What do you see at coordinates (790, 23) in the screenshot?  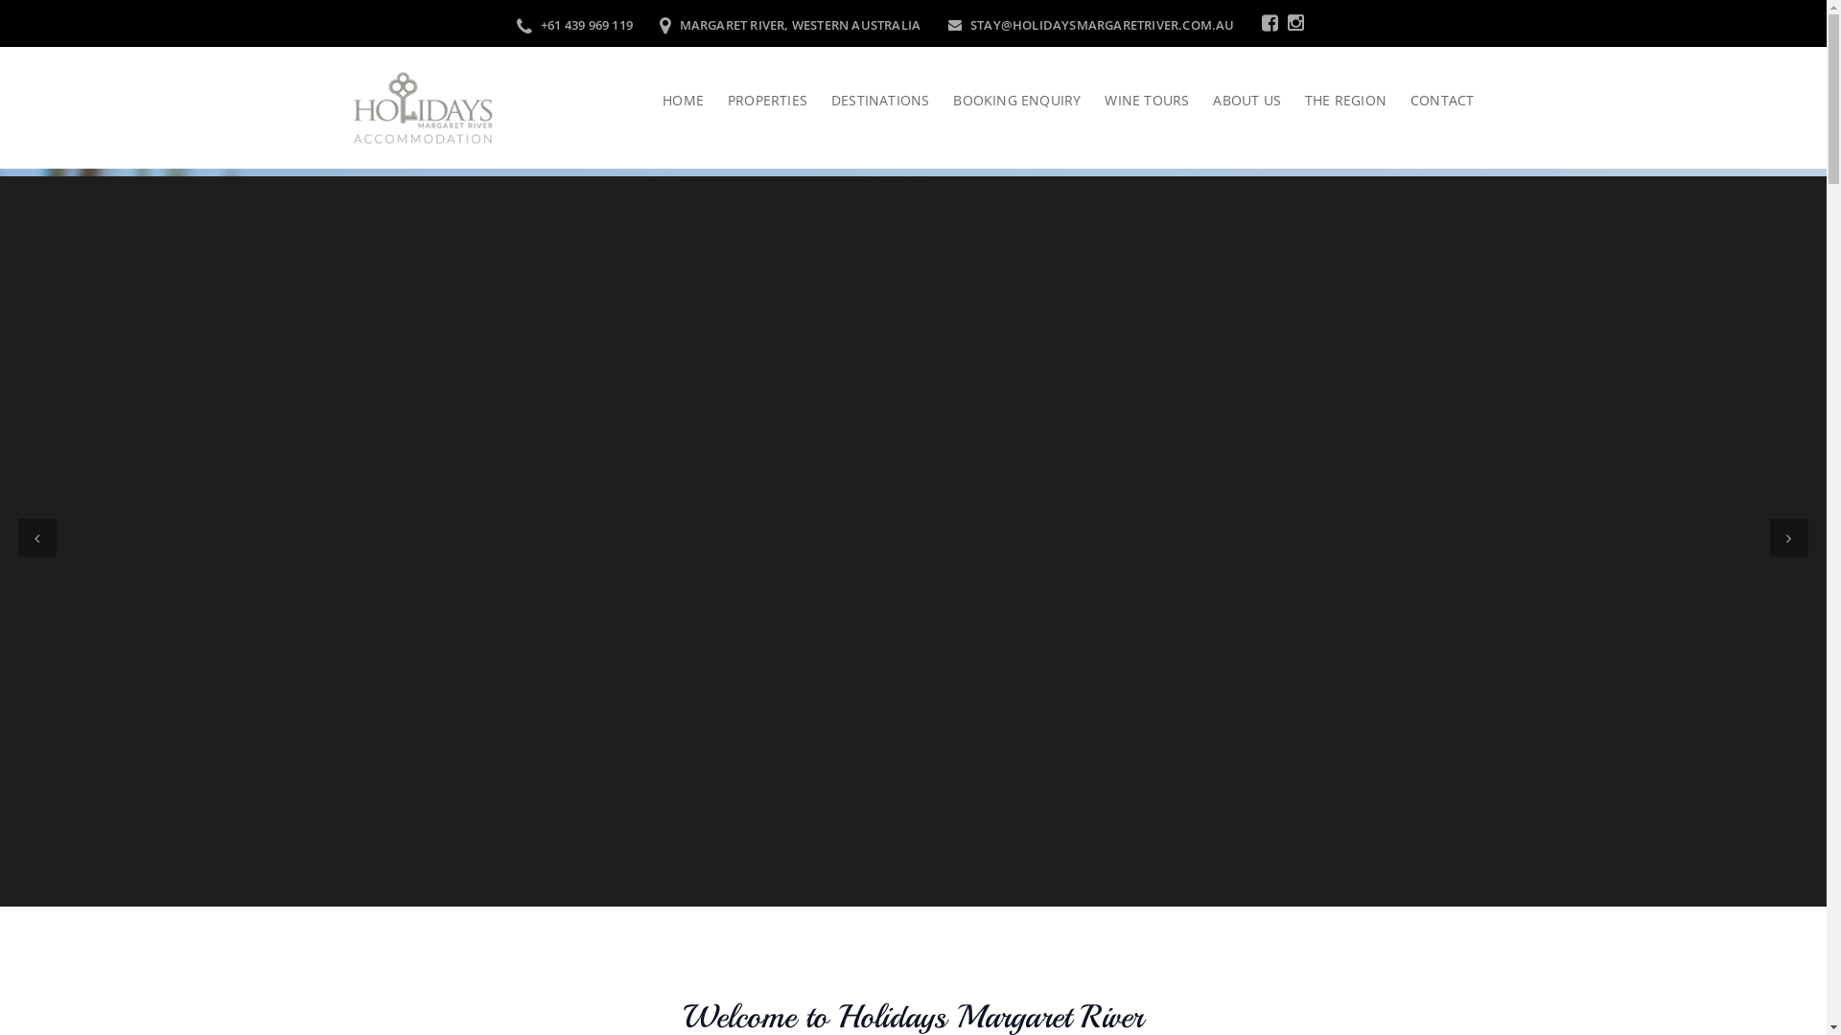 I see `'MARGARET RIVER, WESTERN AUSTRALIA'` at bounding box center [790, 23].